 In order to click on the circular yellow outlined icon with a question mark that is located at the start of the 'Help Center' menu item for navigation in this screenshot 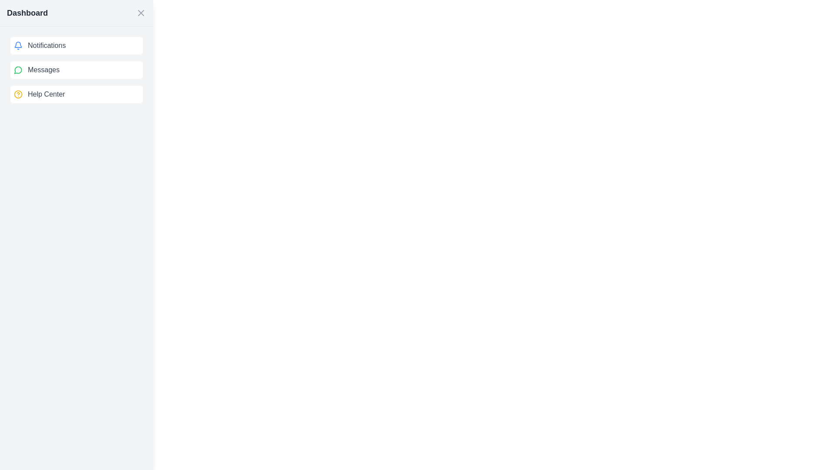, I will do `click(18, 94)`.